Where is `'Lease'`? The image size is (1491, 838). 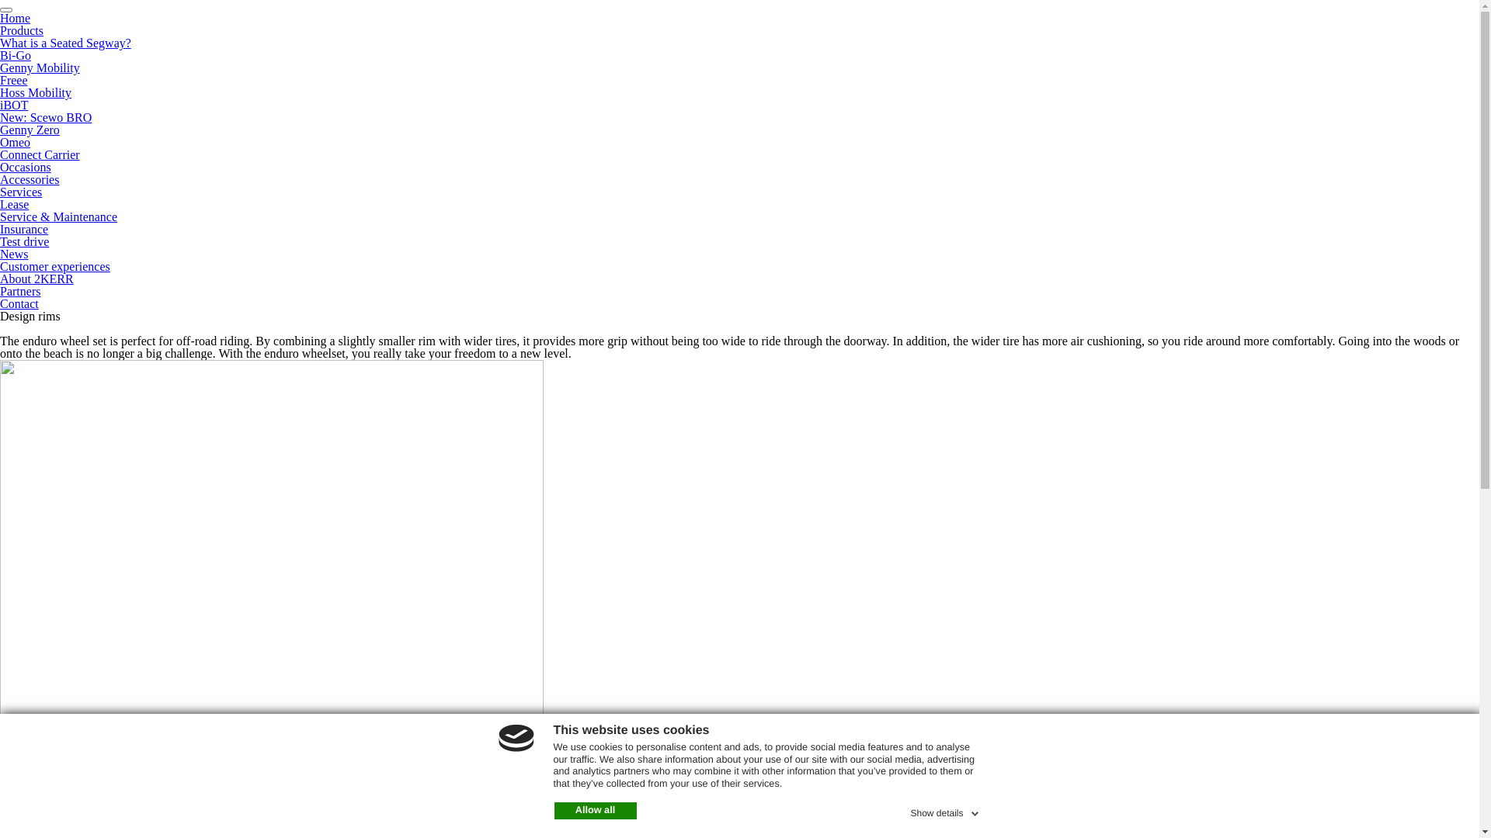
'Lease' is located at coordinates (14, 203).